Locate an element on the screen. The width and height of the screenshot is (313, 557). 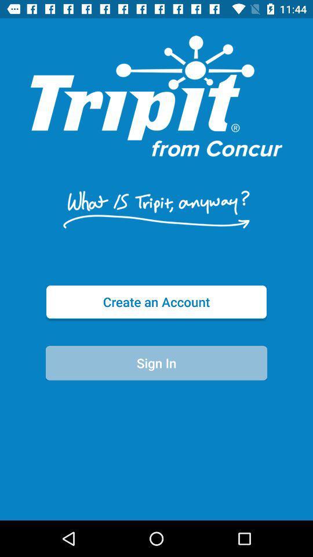
the item above create an account is located at coordinates (156, 209).